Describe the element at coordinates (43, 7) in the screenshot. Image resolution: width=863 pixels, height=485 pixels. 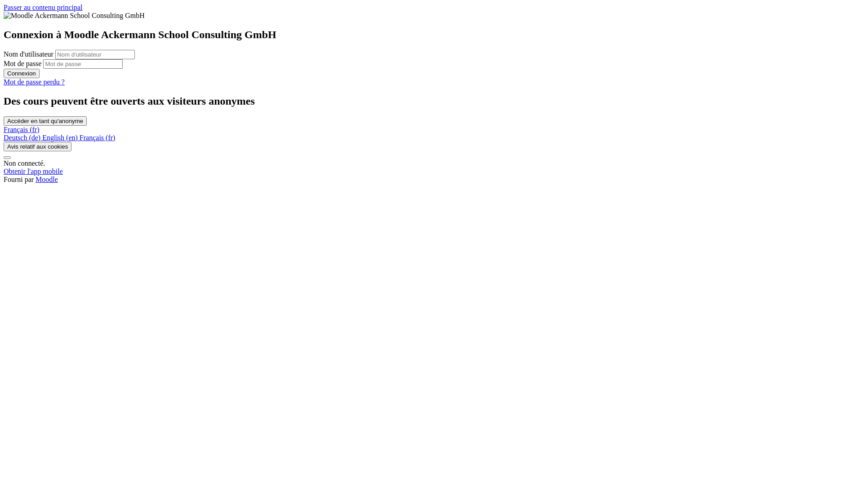
I see `'Passer au contenu principal'` at that location.